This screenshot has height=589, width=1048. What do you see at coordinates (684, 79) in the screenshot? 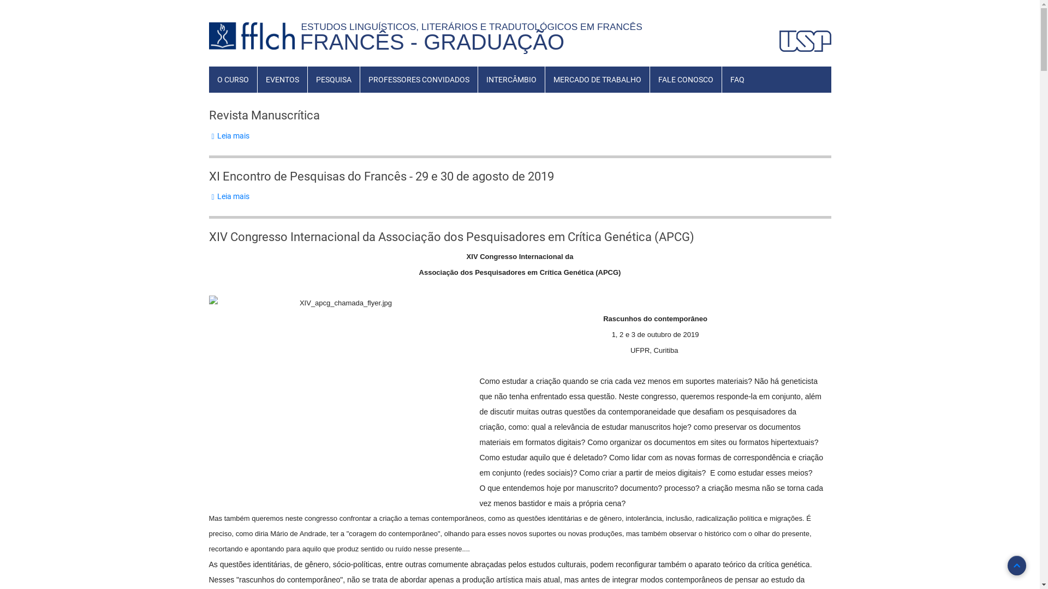
I see `'FALE CONOSCO'` at bounding box center [684, 79].